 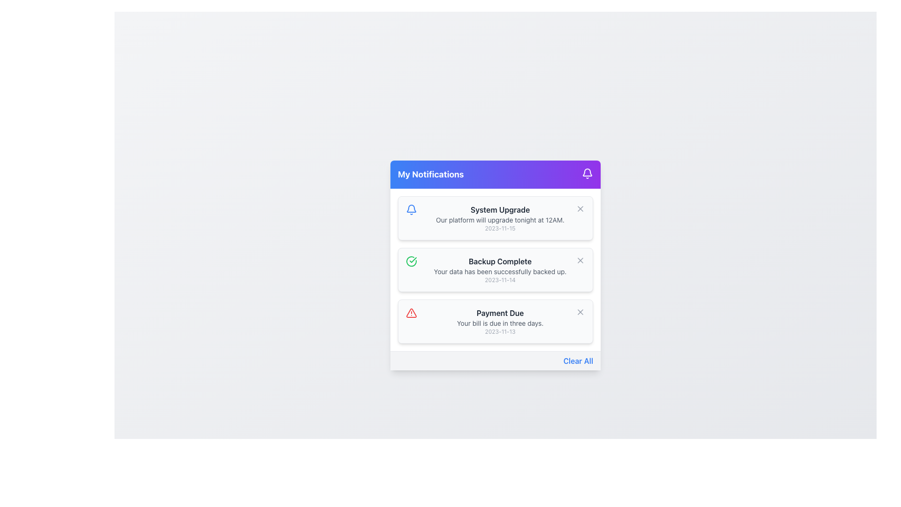 I want to click on the information provided in the Text-based Notification Block that informs the user about the successful completion of a backup operation, so click(x=499, y=269).